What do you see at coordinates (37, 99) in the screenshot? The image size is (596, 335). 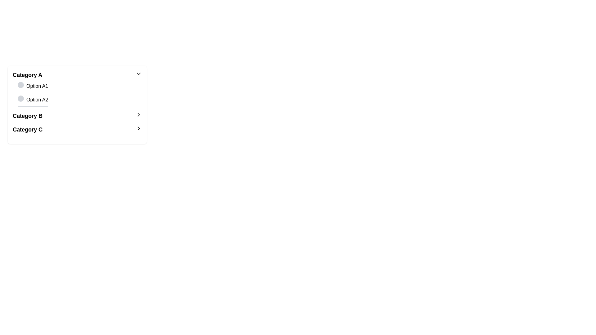 I see `the Menu Option Label for 'Option A2' located under 'Category A'` at bounding box center [37, 99].